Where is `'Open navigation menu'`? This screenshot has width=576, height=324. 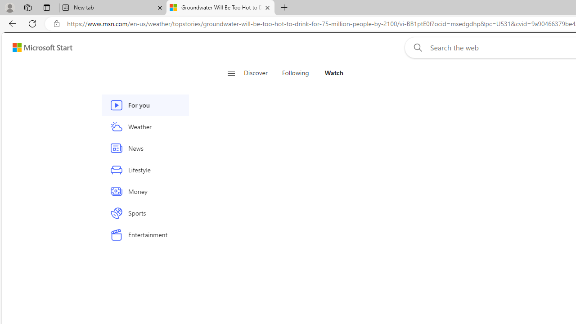
'Open navigation menu' is located at coordinates (231, 73).